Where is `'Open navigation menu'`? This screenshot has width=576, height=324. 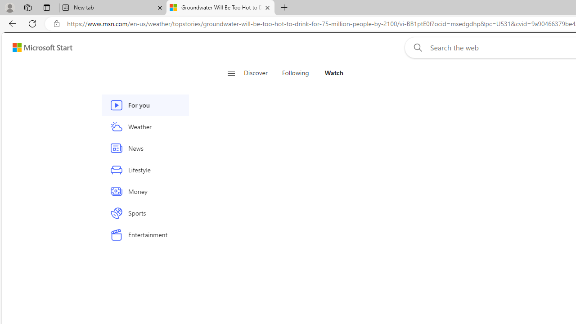
'Open navigation menu' is located at coordinates (231, 73).